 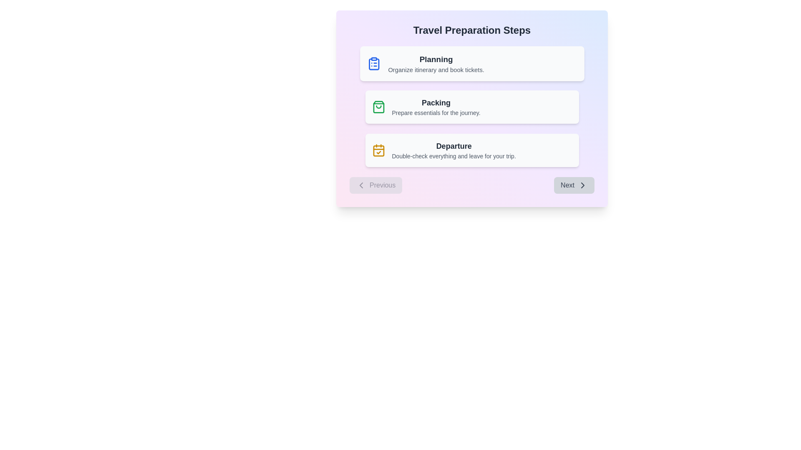 I want to click on the rightward-pointing chevron icon inside the 'Next' button located at the bottom-right corner of the pane, so click(x=582, y=185).